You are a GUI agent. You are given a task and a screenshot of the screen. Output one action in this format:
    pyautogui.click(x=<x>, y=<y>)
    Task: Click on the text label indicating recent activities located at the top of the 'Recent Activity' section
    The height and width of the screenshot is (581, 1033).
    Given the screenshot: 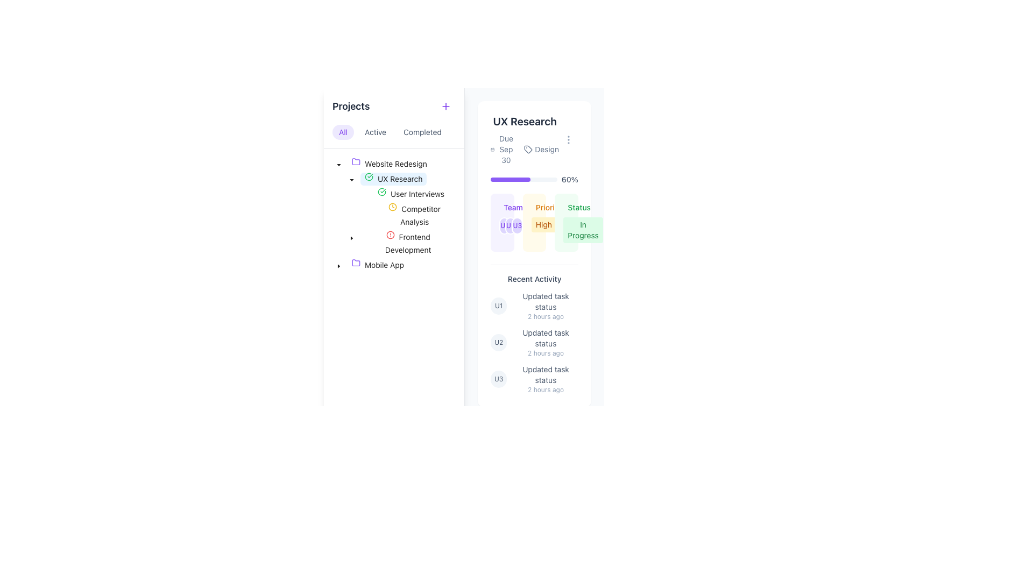 What is the action you would take?
    pyautogui.click(x=534, y=279)
    